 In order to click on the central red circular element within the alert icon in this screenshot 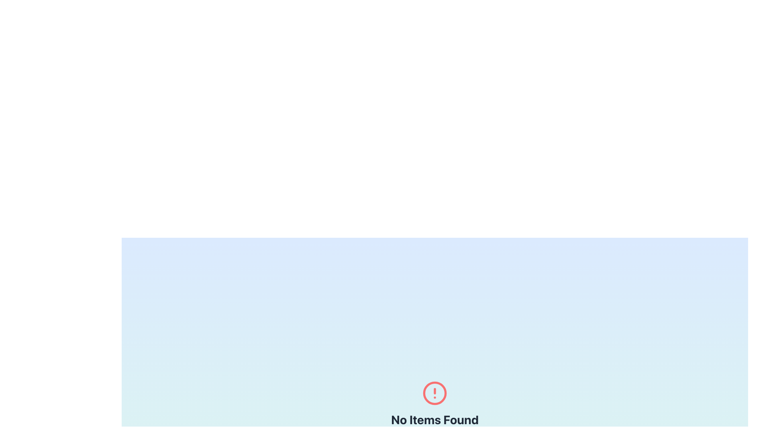, I will do `click(434, 393)`.